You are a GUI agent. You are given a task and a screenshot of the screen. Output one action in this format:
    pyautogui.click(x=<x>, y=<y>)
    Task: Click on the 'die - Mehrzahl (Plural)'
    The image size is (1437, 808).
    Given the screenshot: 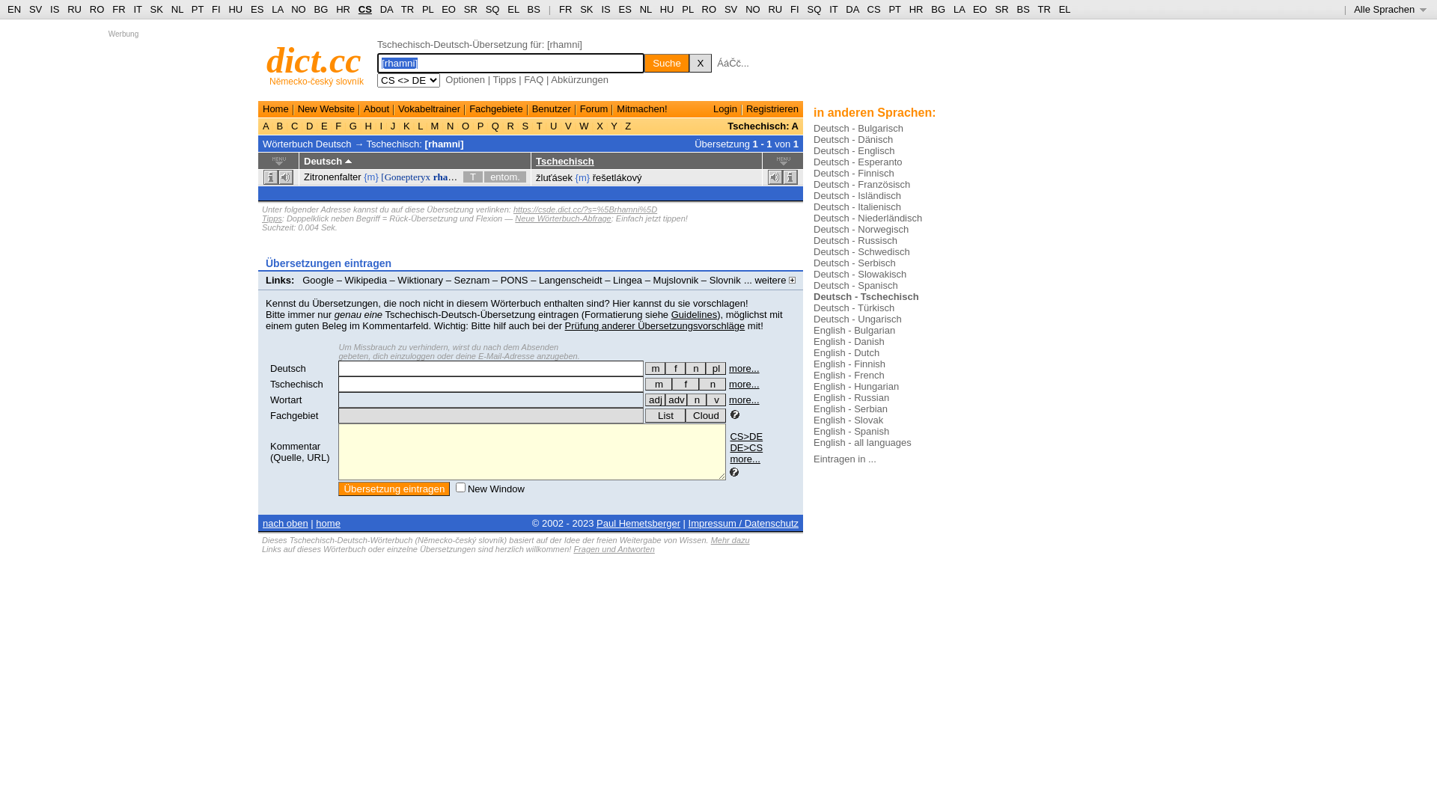 What is the action you would take?
    pyautogui.click(x=704, y=368)
    